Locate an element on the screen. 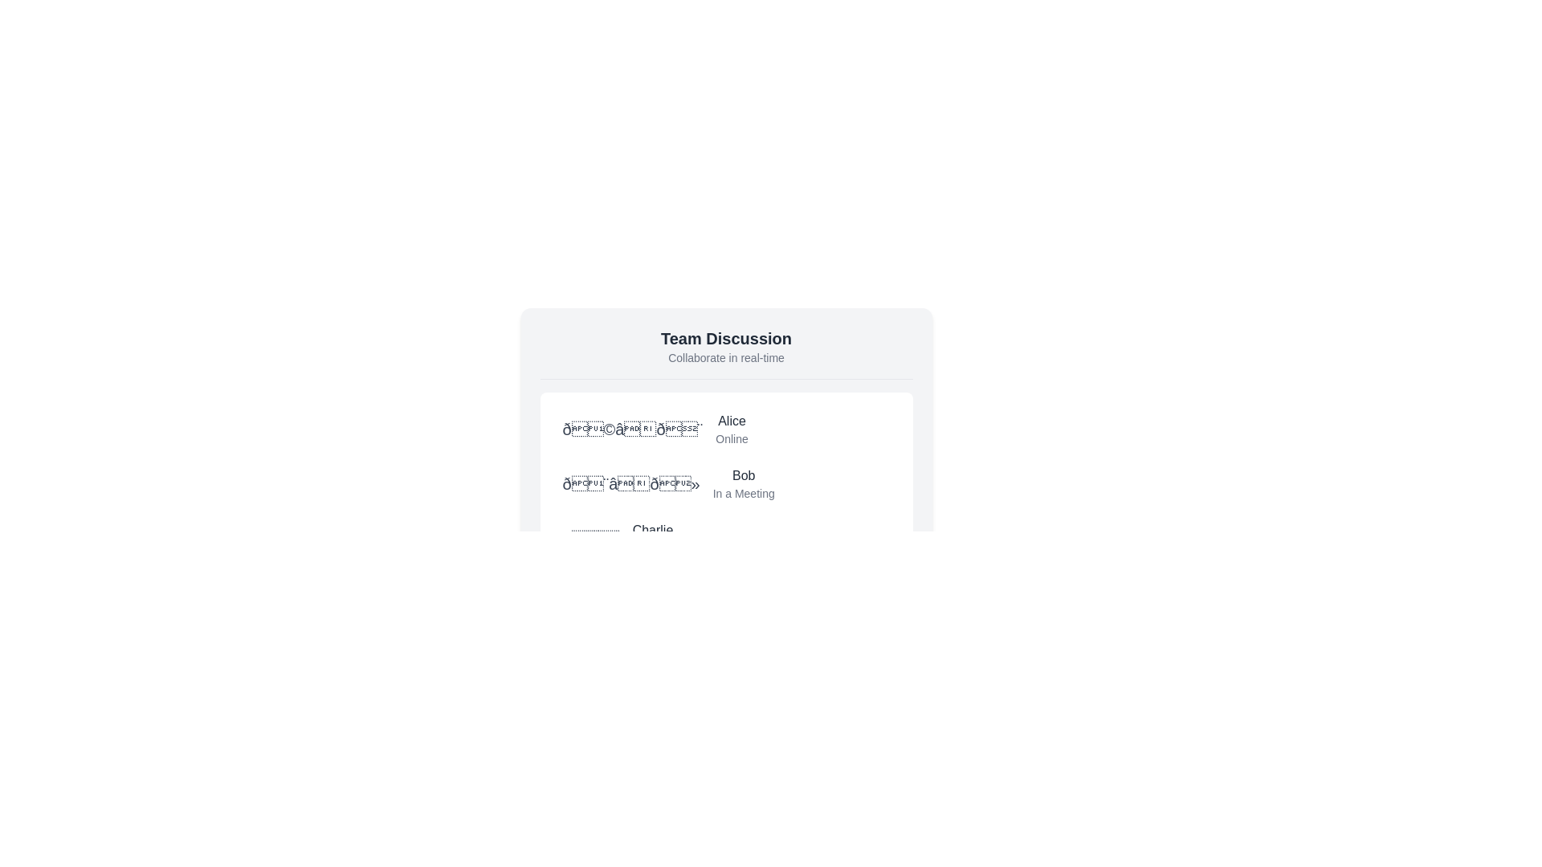 This screenshot has width=1542, height=867. the list item displaying the user name 'Bob' with status 'In a Meeting', which includes an icon of a person at a computer, located in the 'Team Discussion' box is located at coordinates (725, 482).